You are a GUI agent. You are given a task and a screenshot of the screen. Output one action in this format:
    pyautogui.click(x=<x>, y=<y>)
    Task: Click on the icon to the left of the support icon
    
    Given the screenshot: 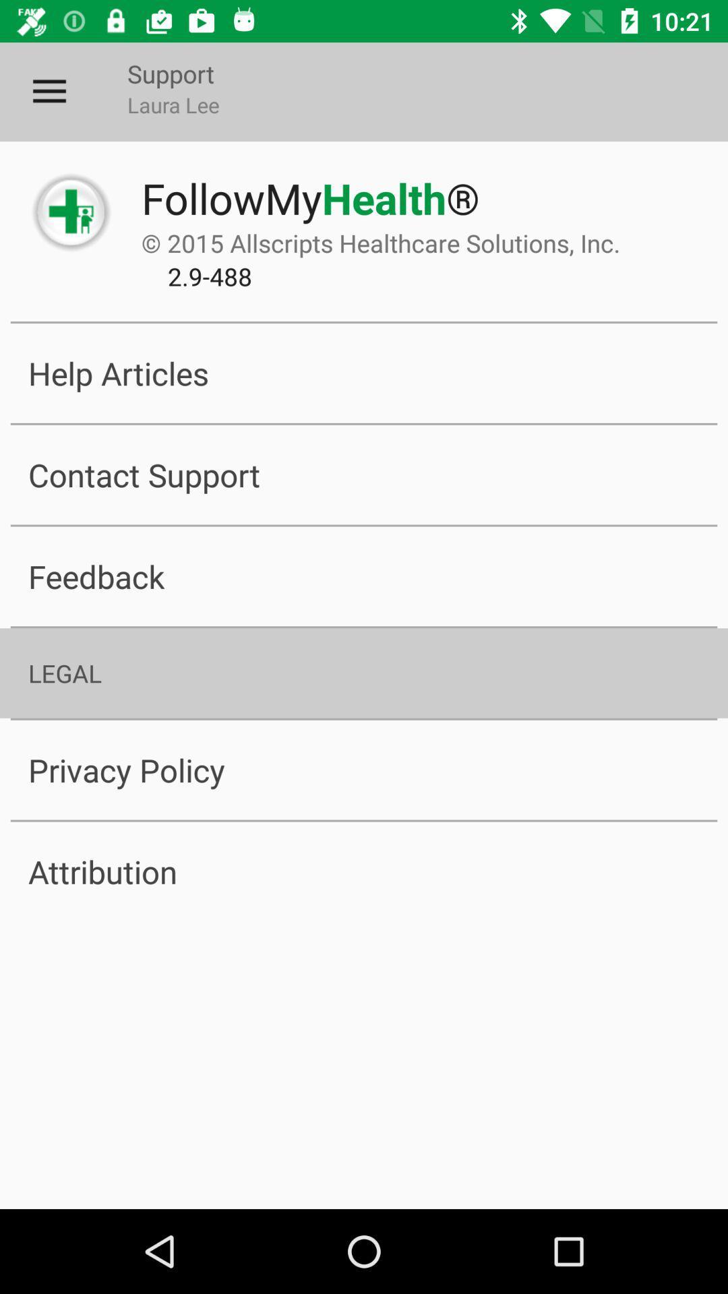 What is the action you would take?
    pyautogui.click(x=49, y=91)
    